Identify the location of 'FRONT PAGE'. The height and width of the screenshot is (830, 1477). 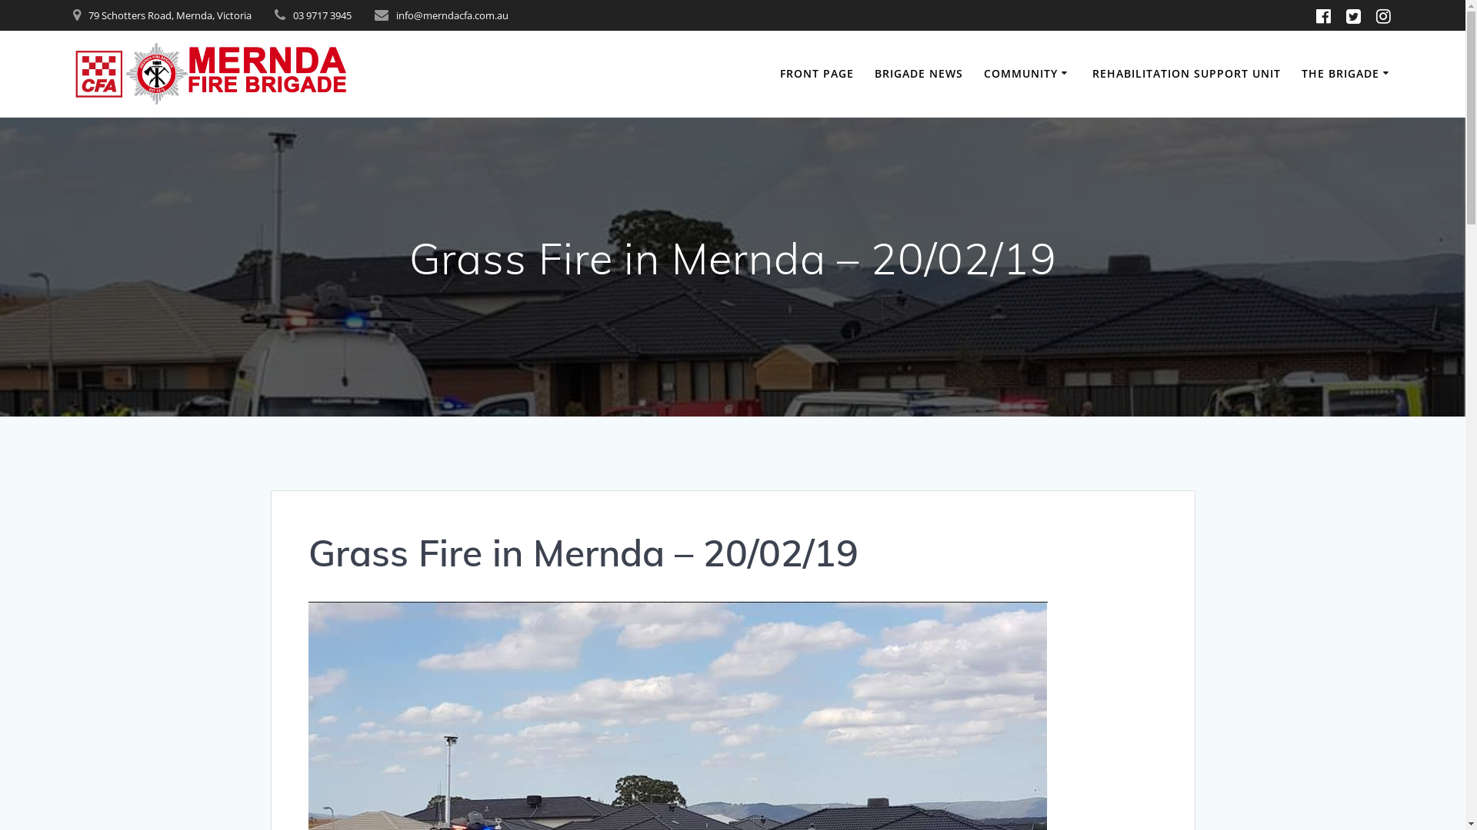
(815, 74).